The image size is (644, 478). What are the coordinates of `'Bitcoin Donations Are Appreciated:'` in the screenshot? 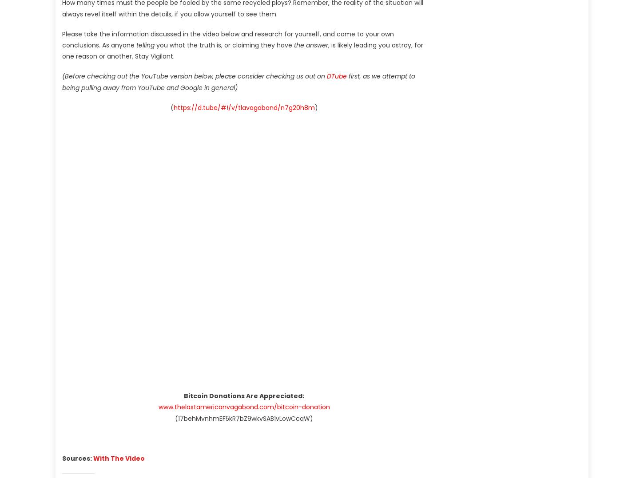 It's located at (244, 396).